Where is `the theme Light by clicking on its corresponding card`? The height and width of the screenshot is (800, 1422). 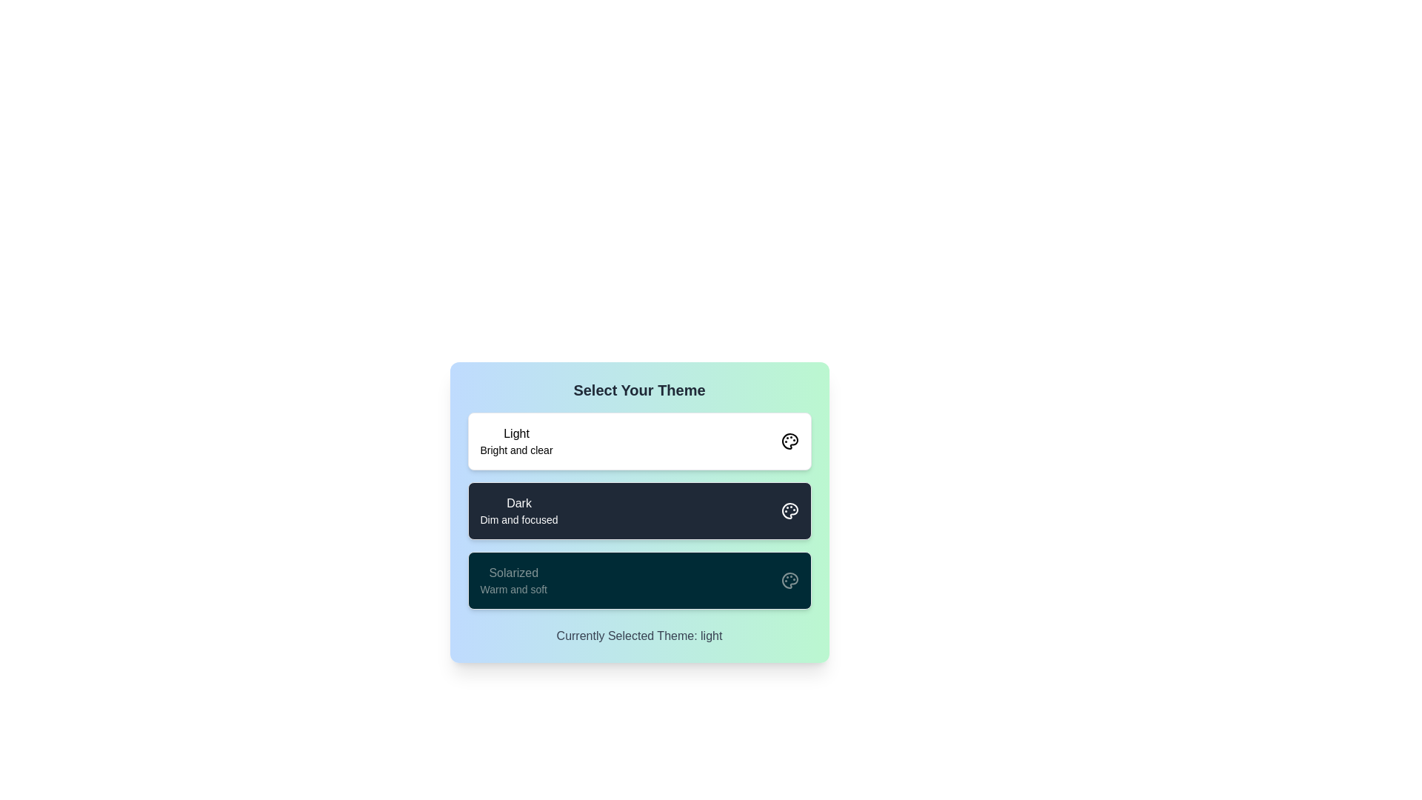
the theme Light by clicking on its corresponding card is located at coordinates (639, 441).